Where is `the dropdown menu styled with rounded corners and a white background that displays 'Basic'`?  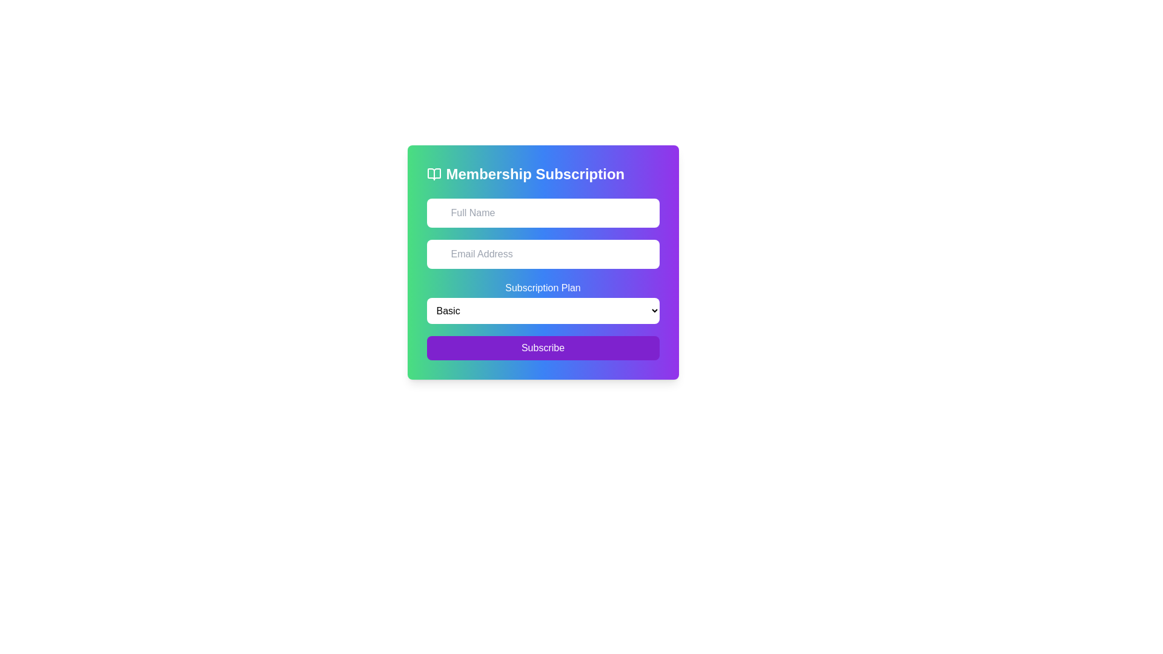 the dropdown menu styled with rounded corners and a white background that displays 'Basic' is located at coordinates (542, 310).